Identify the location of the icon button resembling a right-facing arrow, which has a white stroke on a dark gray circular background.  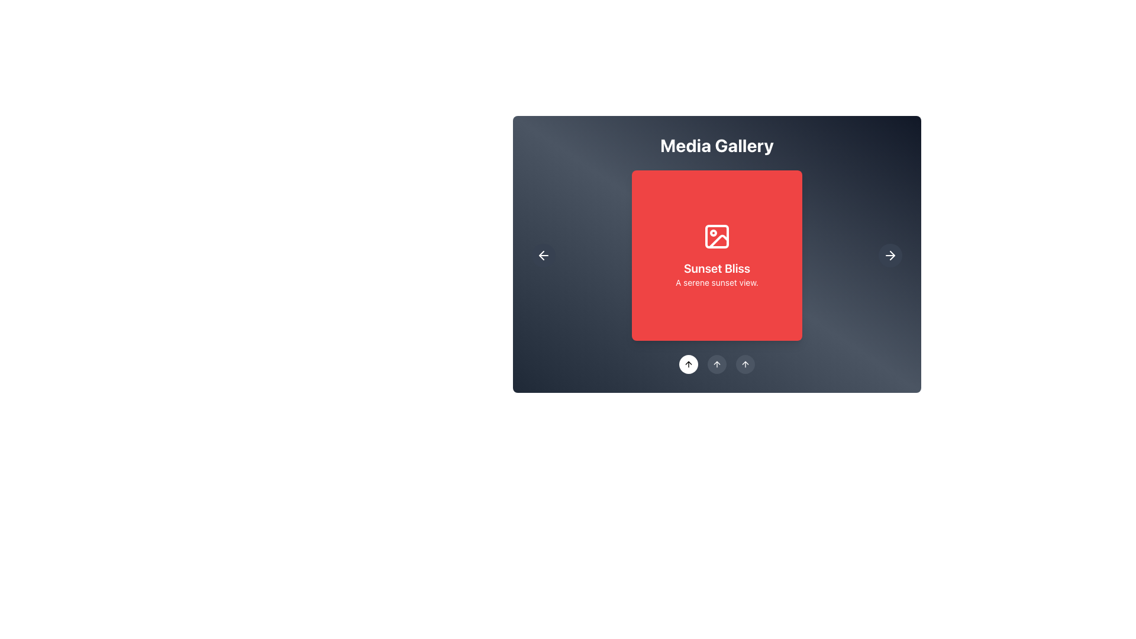
(890, 255).